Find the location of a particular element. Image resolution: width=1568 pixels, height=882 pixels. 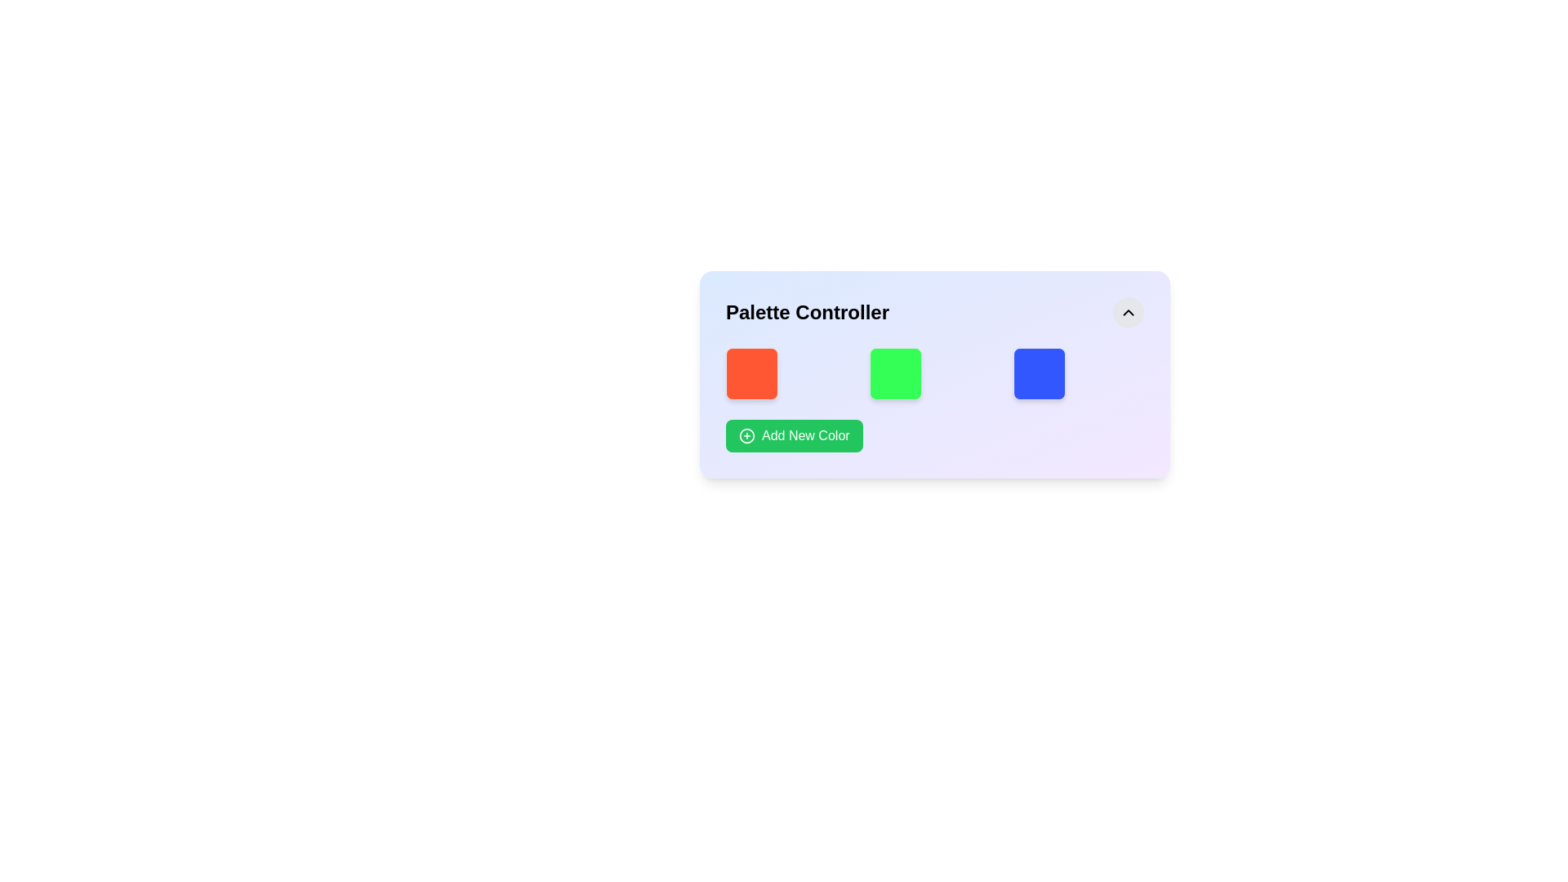

the chevron up icon located in the top-right corner of the card section, which is inside a circular gray background and is used for expanding or collapsing sections is located at coordinates (1128, 312).